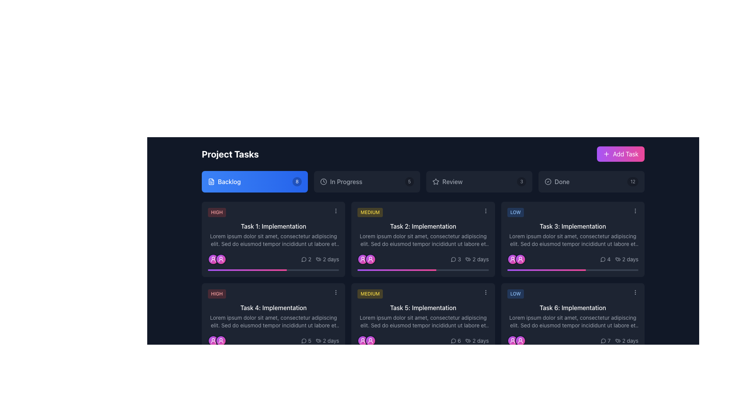 The image size is (738, 415). I want to click on the circular avatar with a gradient fill transitioning from purple to pink and a white border, located in the 'Task 4: Implementation' card, so click(221, 340).